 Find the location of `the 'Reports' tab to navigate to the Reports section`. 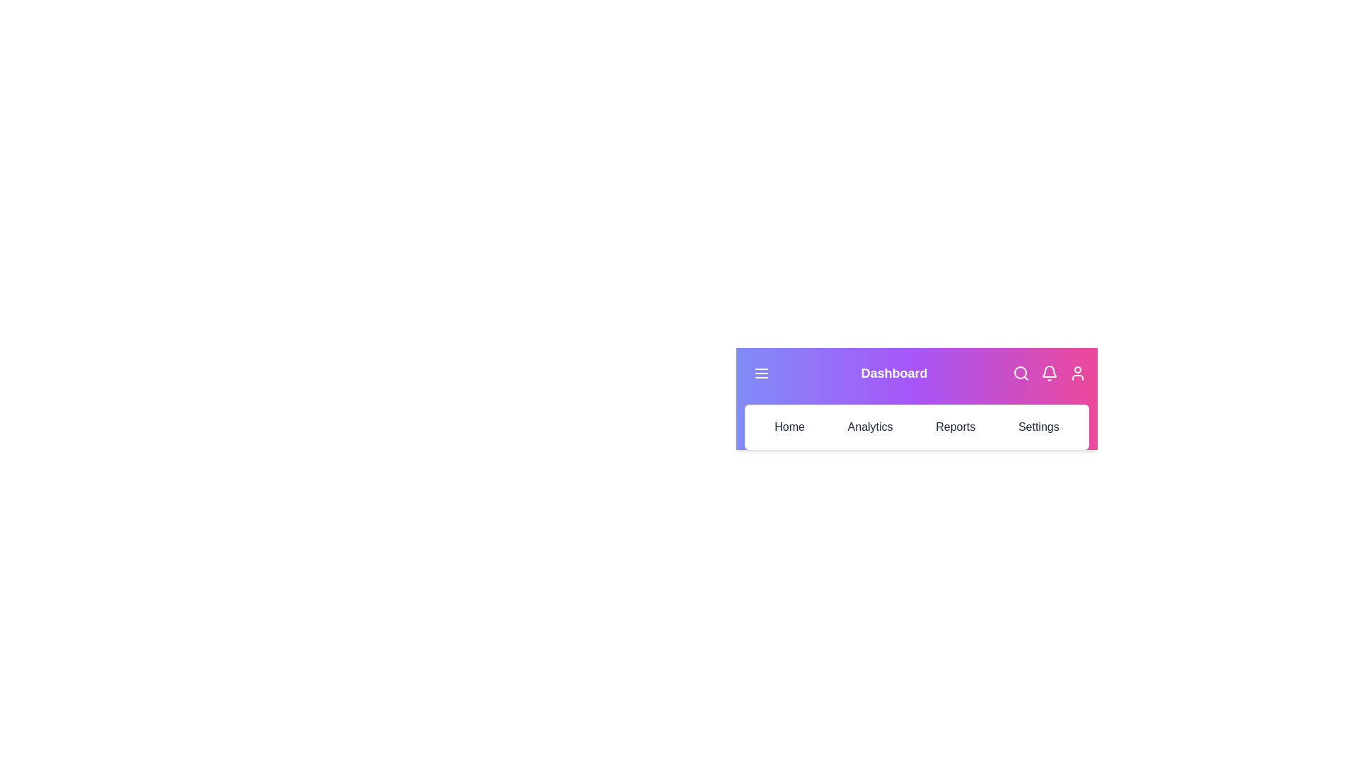

the 'Reports' tab to navigate to the Reports section is located at coordinates (955, 427).